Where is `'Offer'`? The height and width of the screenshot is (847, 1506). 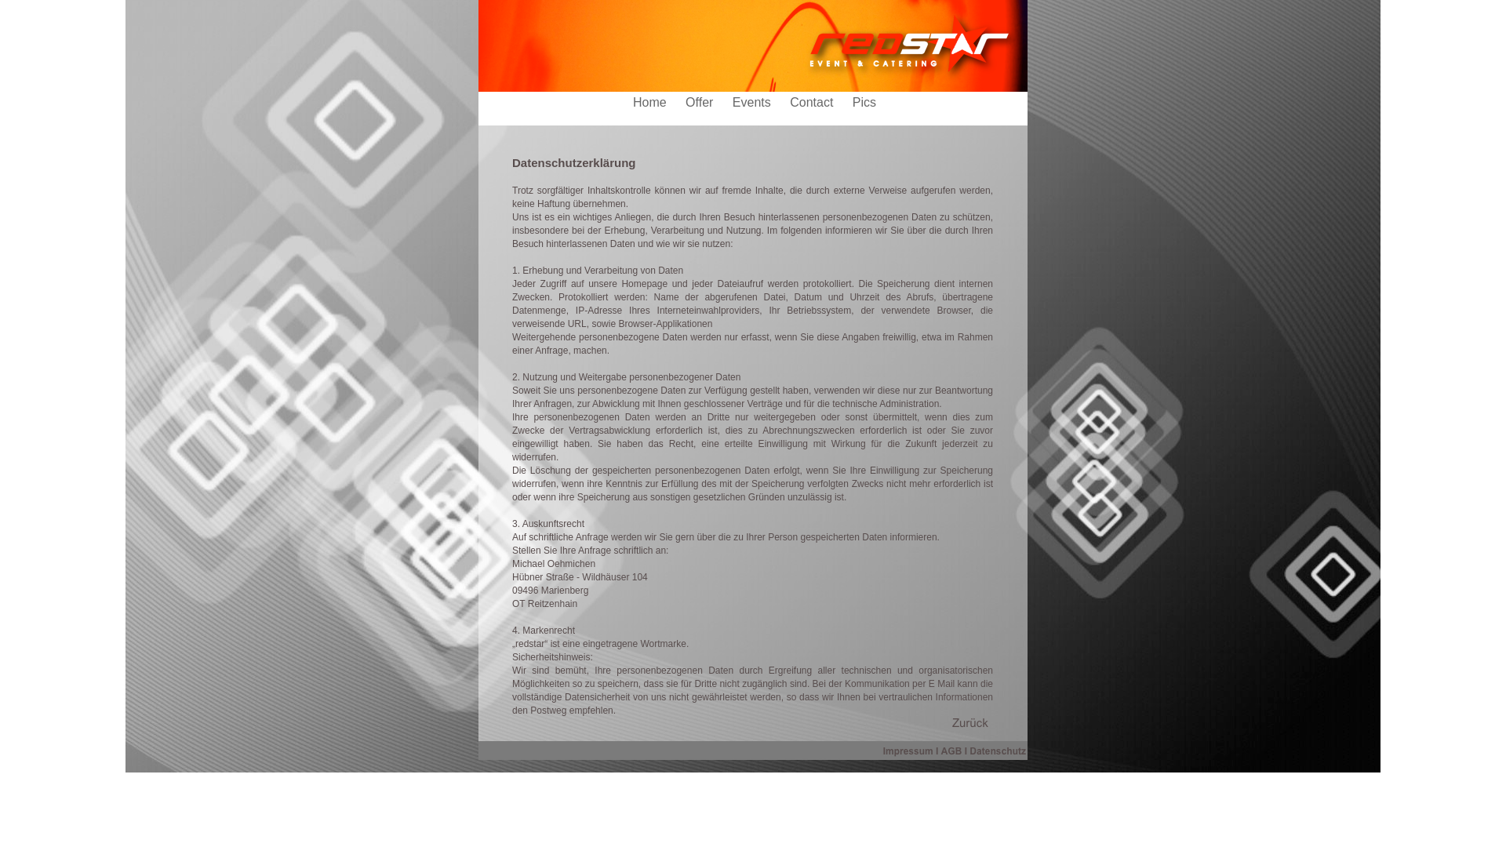
'Offer' is located at coordinates (700, 102).